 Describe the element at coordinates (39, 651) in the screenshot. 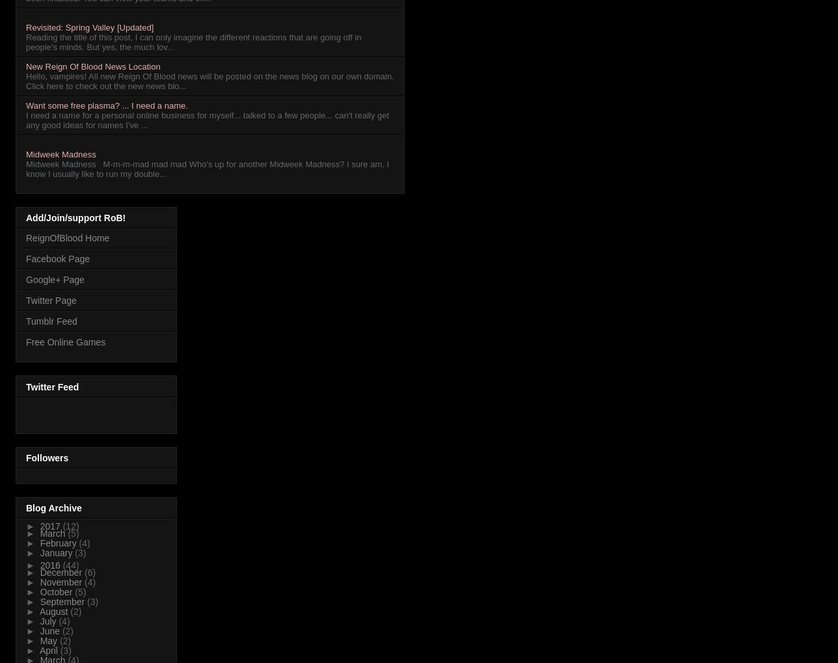

I see `'April'` at that location.